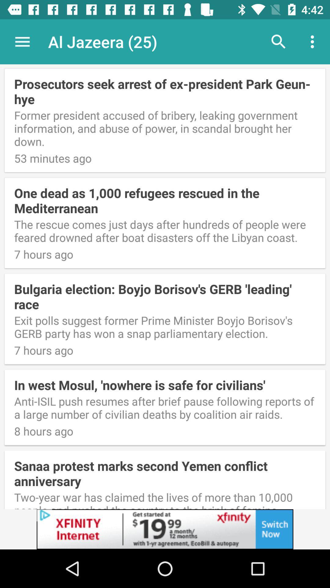  I want to click on the app above the prosecutors seek arrest item, so click(165, 42).